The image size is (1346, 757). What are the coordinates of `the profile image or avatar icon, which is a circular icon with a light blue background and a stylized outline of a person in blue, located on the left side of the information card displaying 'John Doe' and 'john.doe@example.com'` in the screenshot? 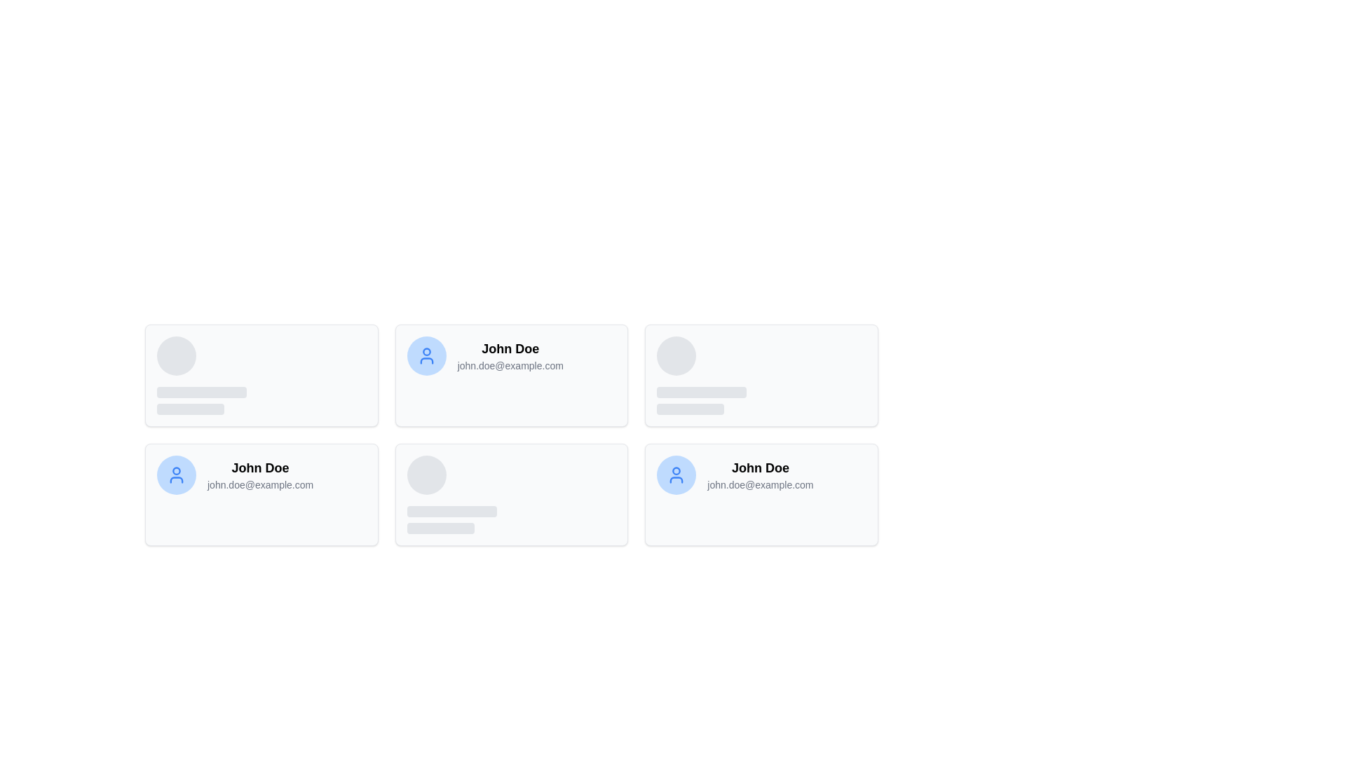 It's located at (176, 475).